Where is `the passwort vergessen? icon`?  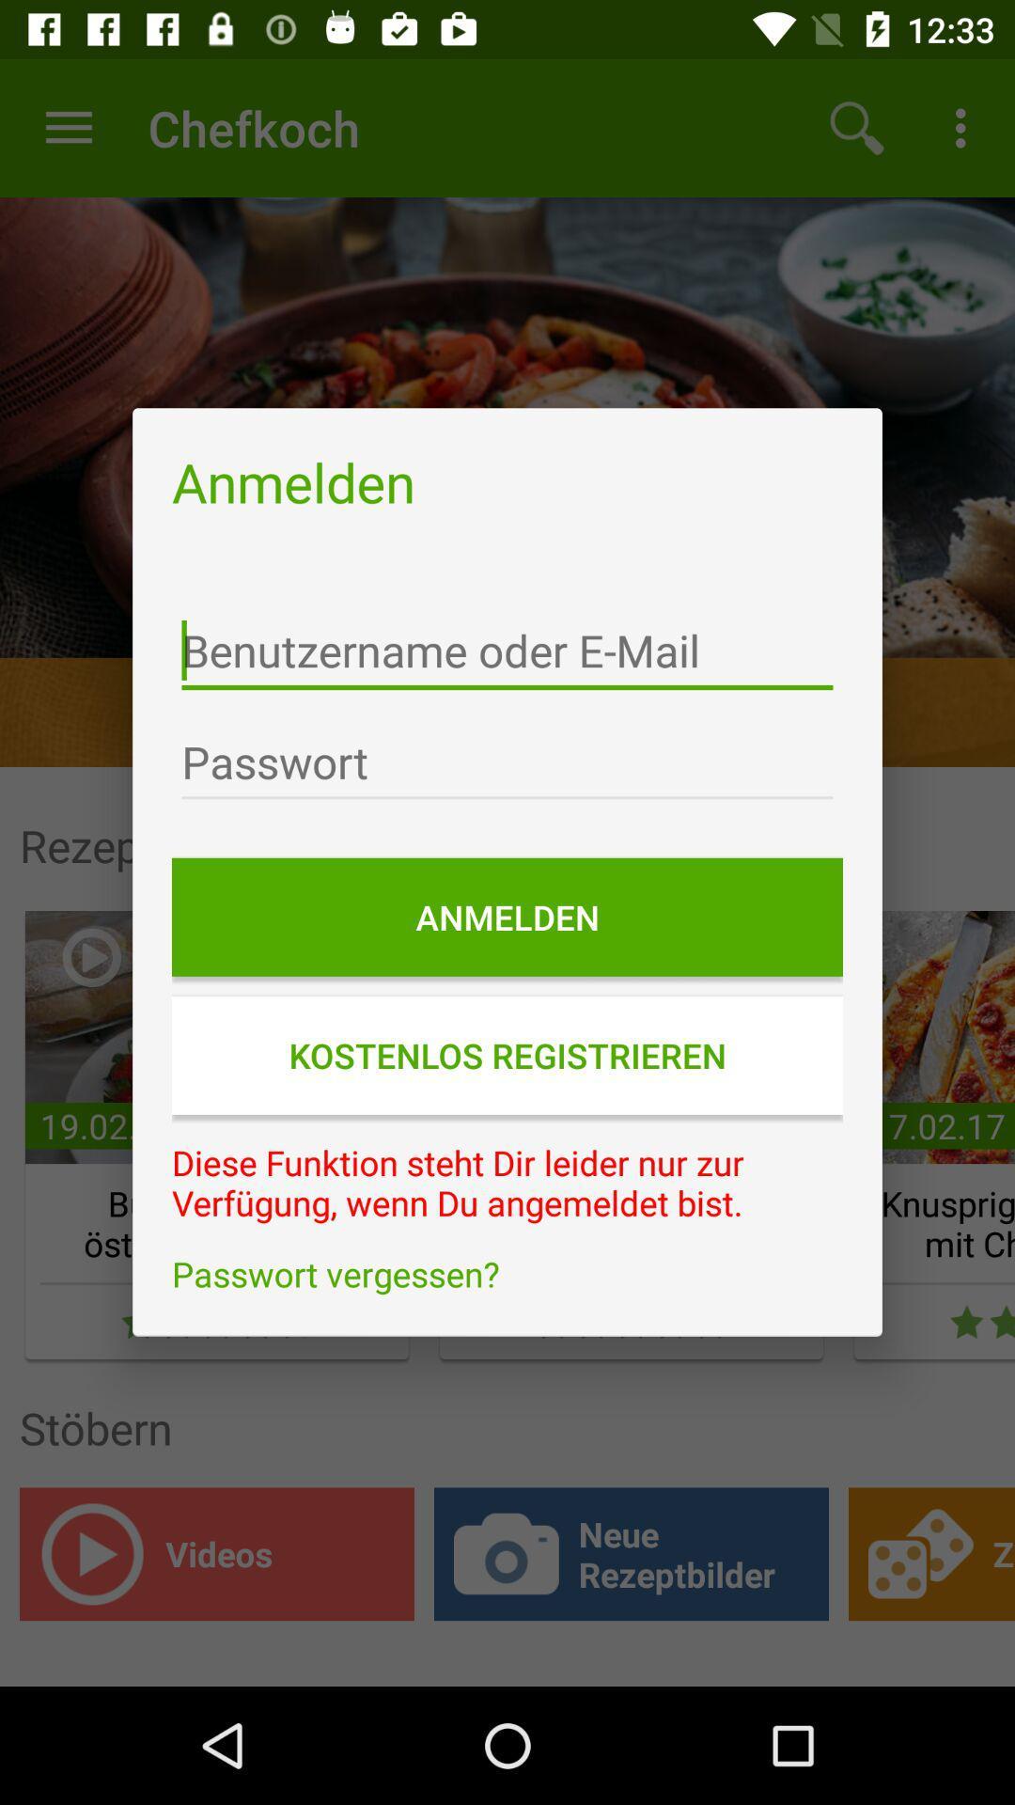
the passwort vergessen? icon is located at coordinates (507, 1274).